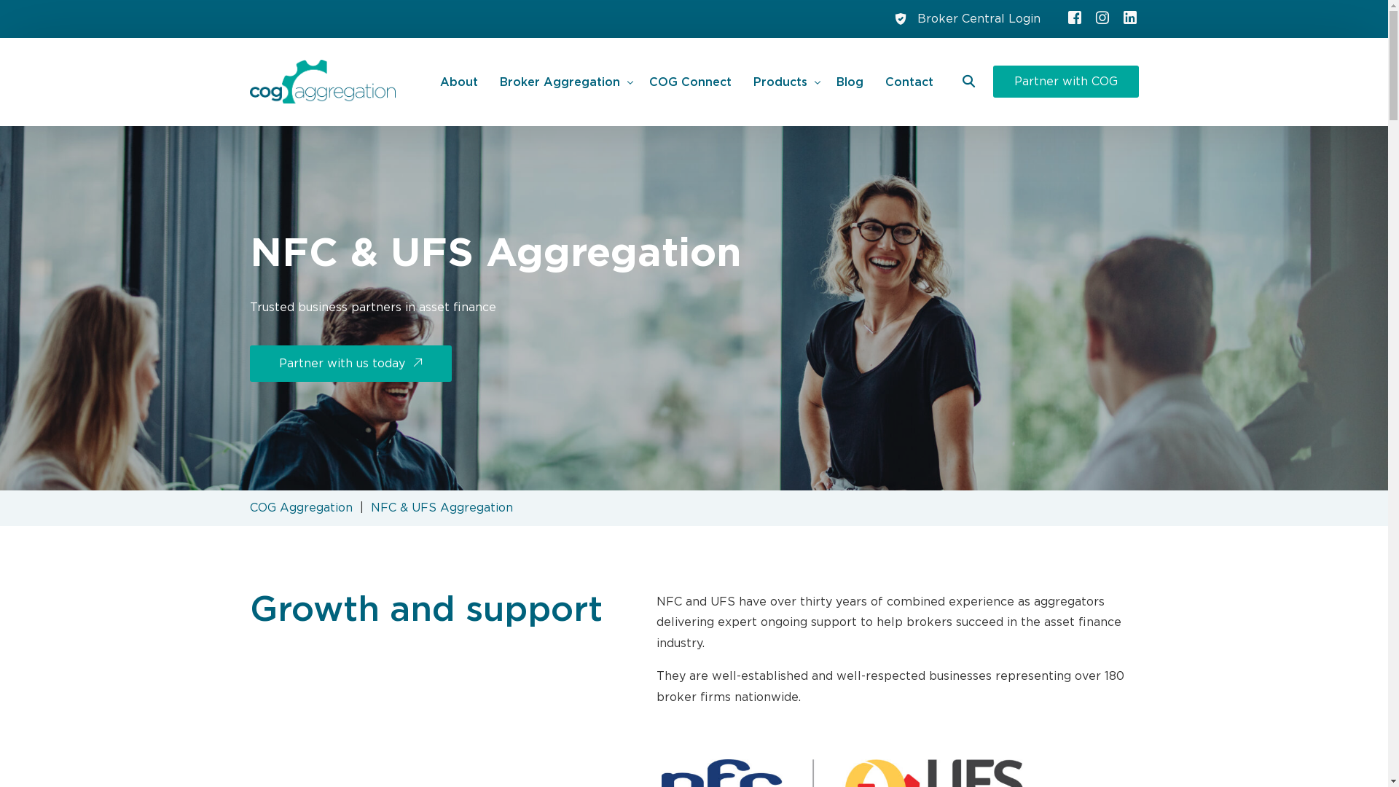 This screenshot has height=787, width=1399. What do you see at coordinates (350, 362) in the screenshot?
I see `'Partner with us today'` at bounding box center [350, 362].